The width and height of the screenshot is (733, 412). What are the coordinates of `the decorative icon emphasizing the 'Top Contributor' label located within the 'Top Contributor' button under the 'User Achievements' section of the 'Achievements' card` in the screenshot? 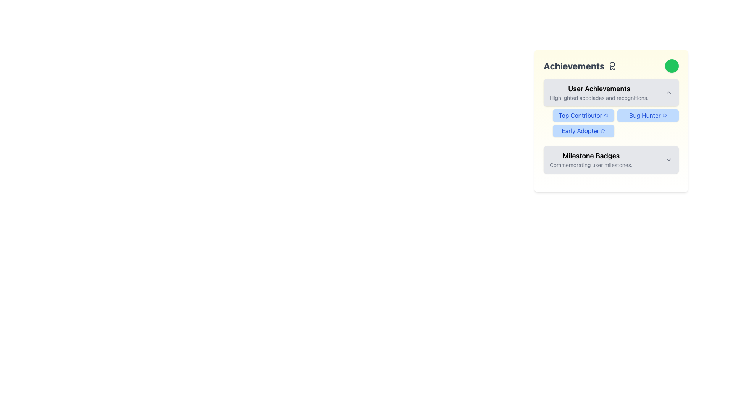 It's located at (605, 116).